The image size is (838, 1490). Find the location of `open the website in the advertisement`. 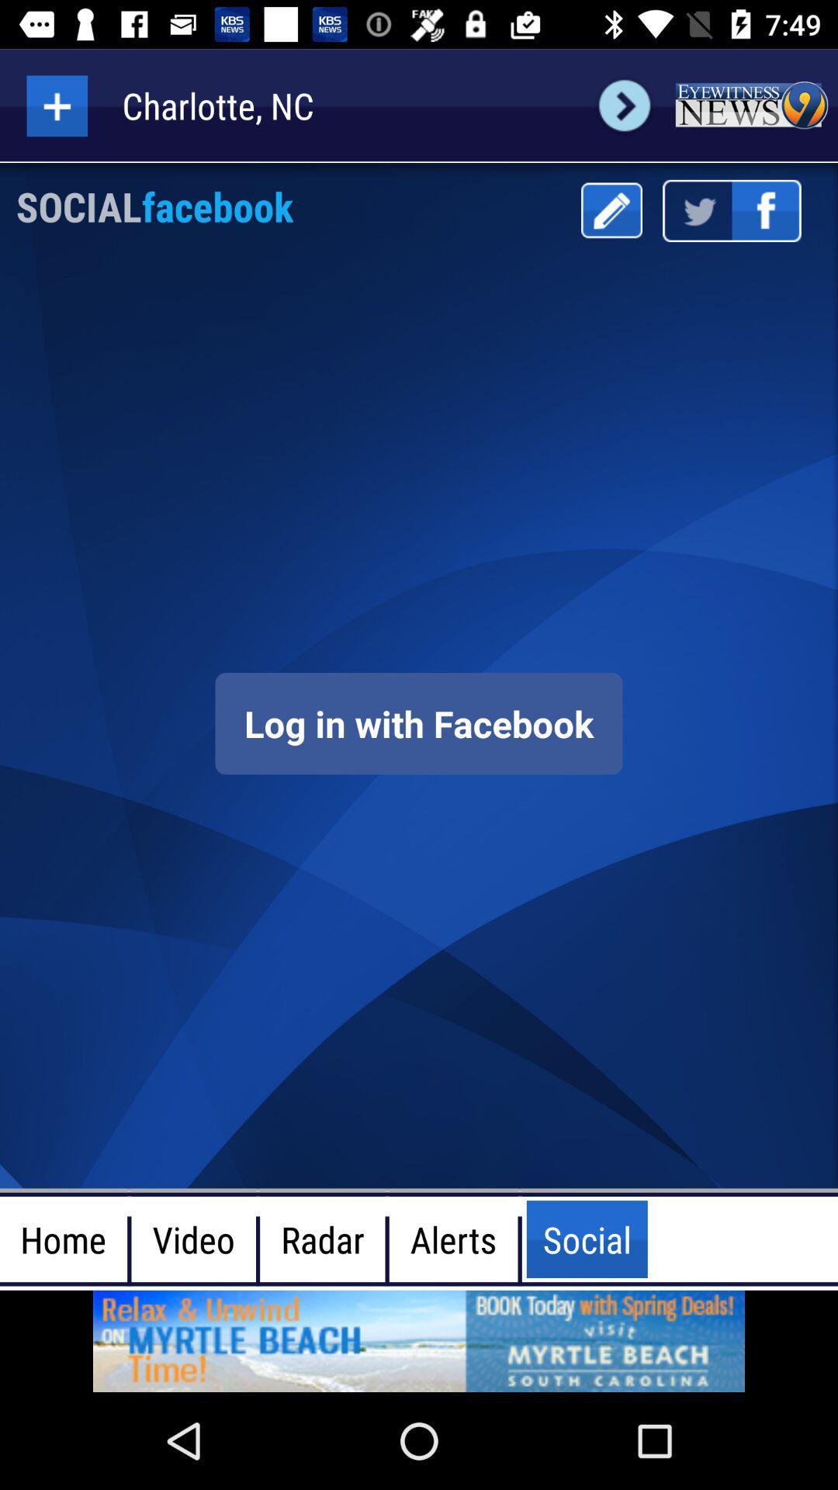

open the website in the advertisement is located at coordinates (419, 1340).